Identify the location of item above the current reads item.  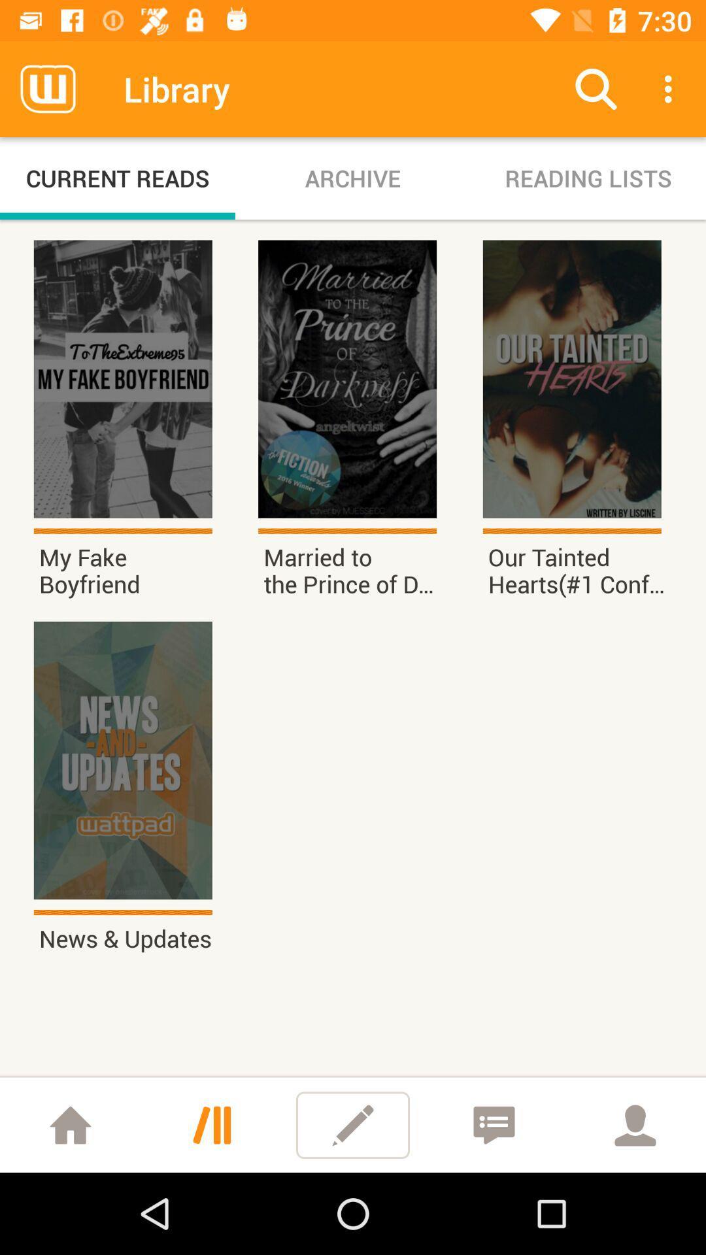
(47, 88).